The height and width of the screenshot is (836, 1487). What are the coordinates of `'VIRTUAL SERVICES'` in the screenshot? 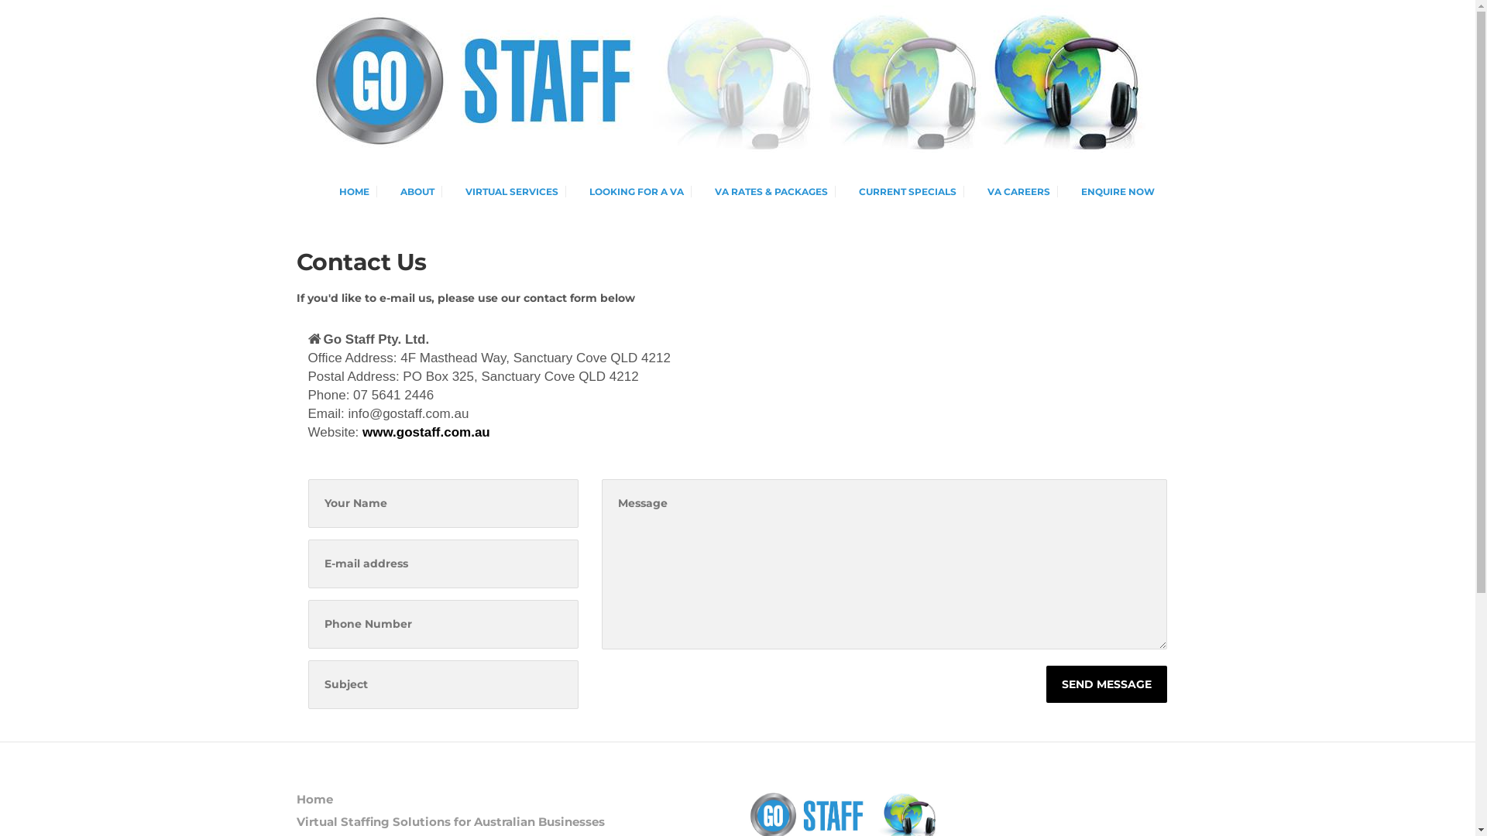 It's located at (504, 190).